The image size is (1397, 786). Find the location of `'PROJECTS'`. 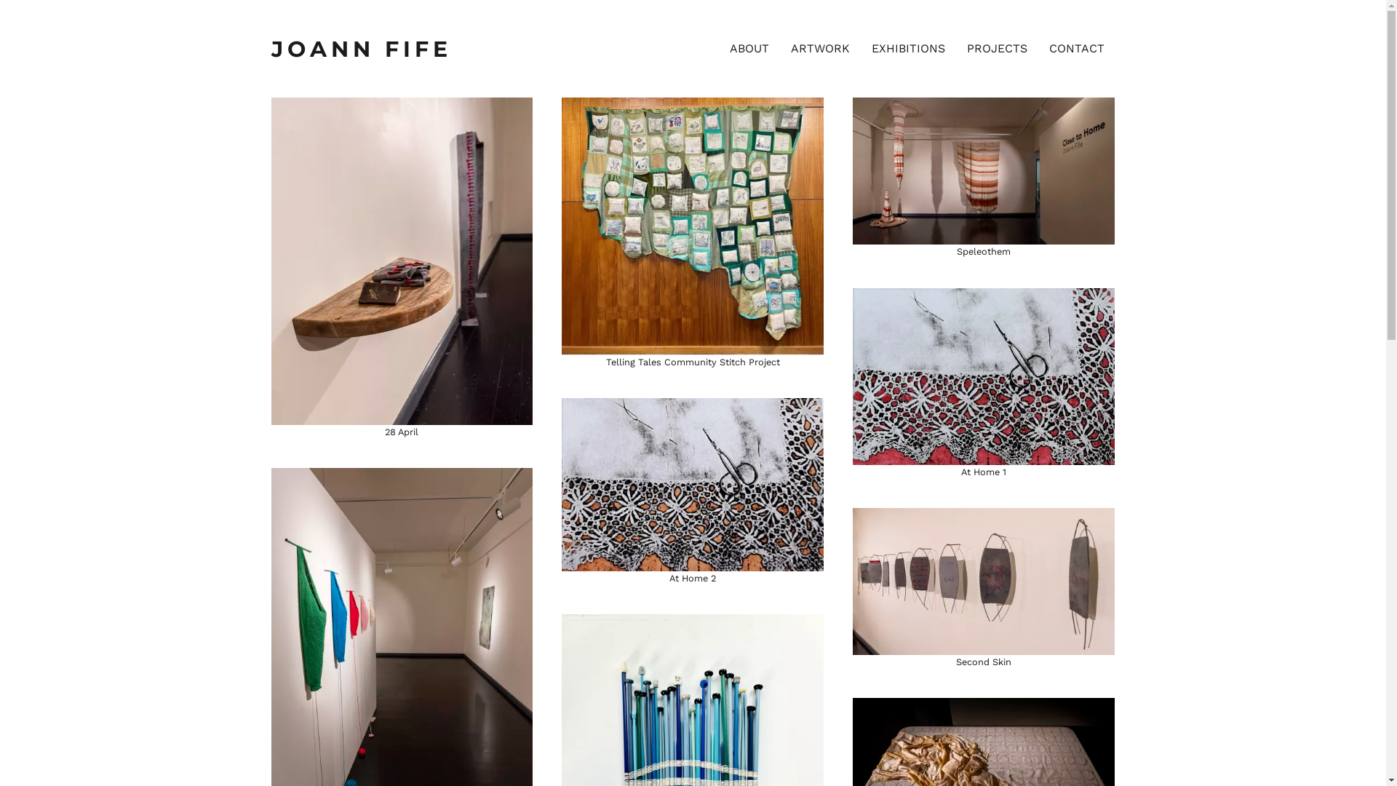

'PROJECTS' is located at coordinates (996, 47).